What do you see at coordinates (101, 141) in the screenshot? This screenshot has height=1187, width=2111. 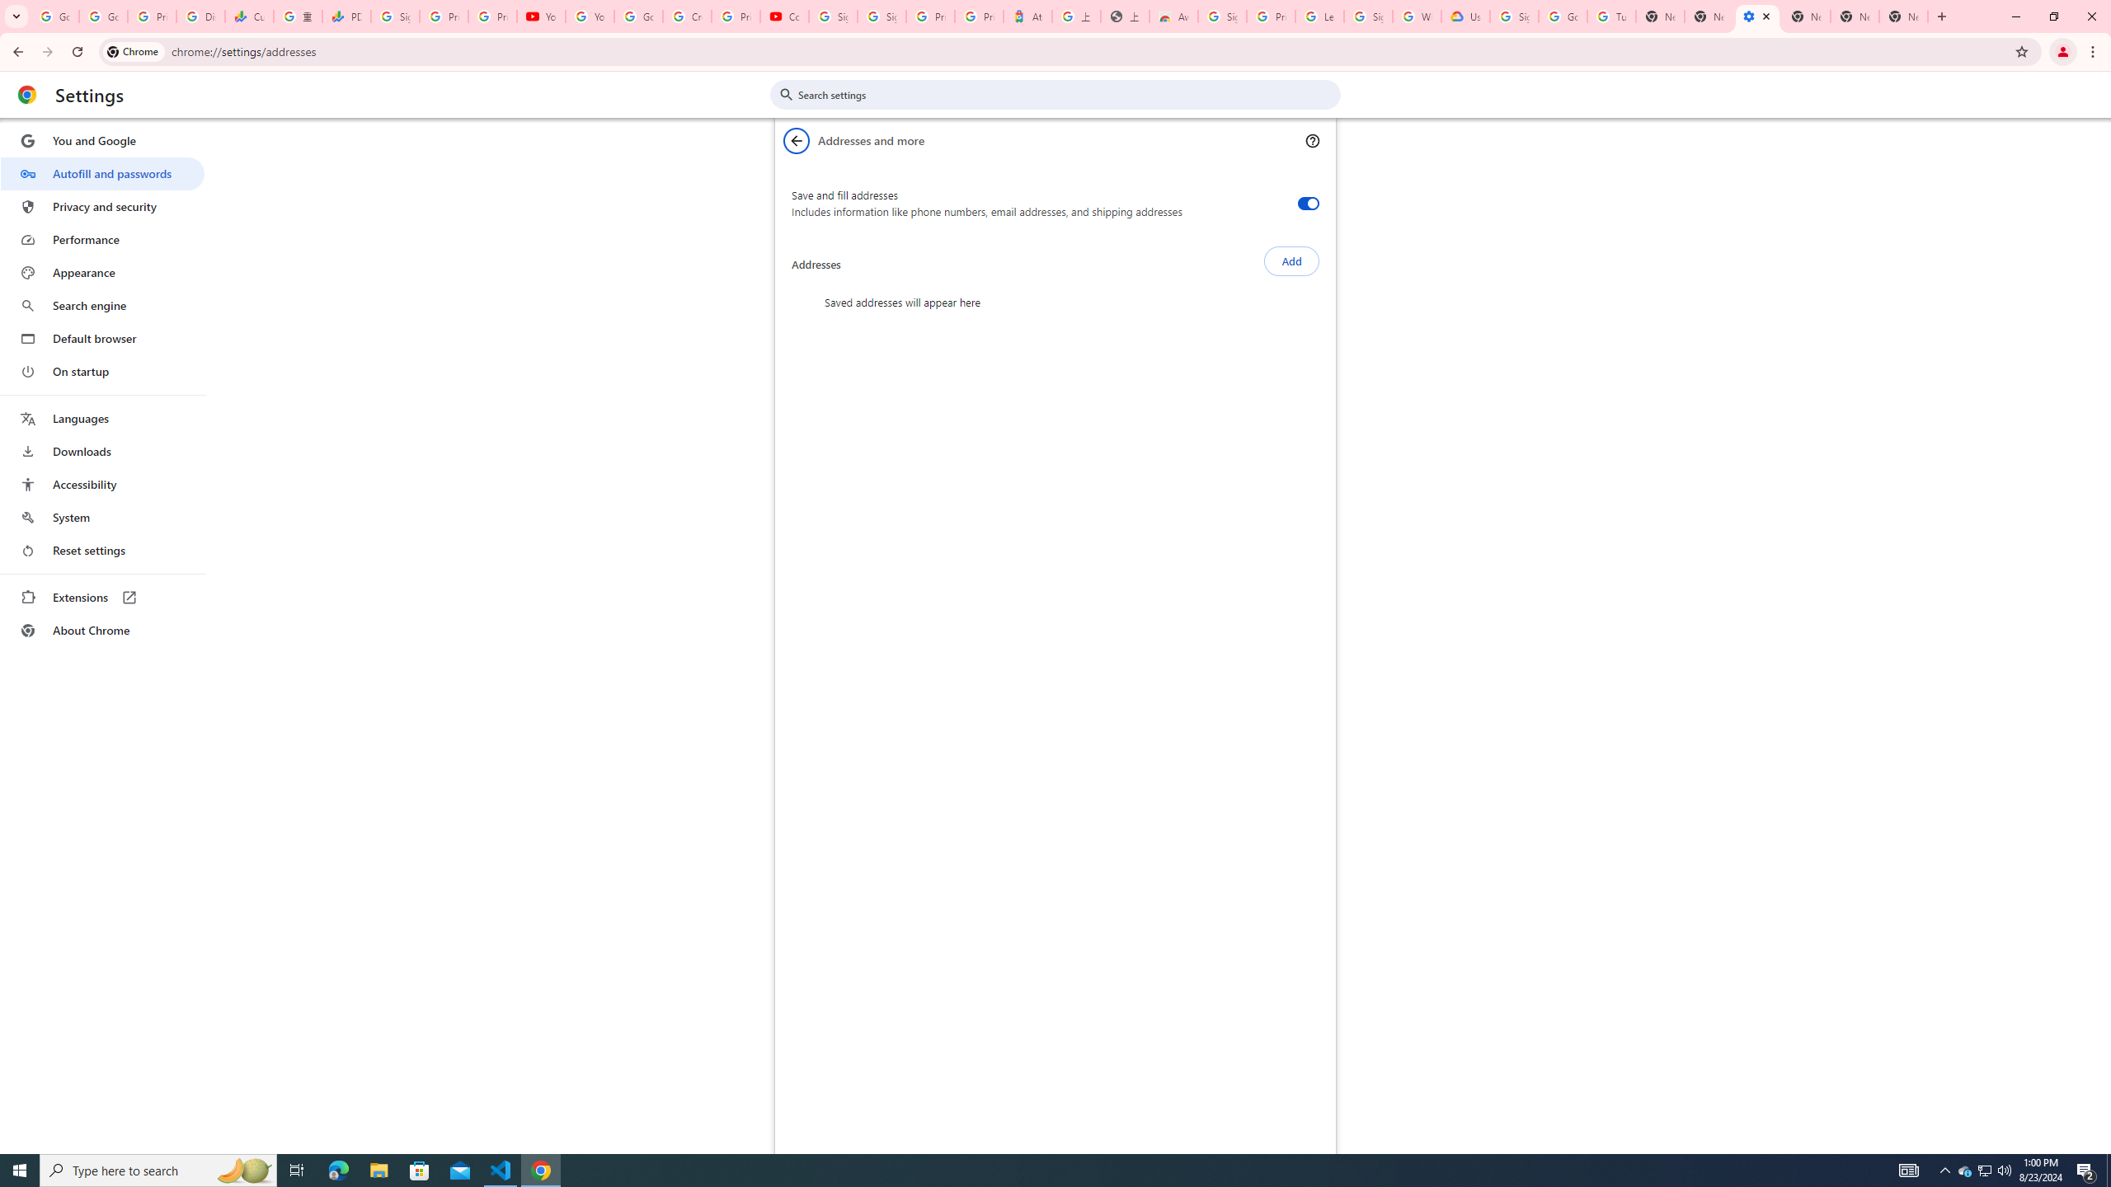 I see `'You and Google'` at bounding box center [101, 141].